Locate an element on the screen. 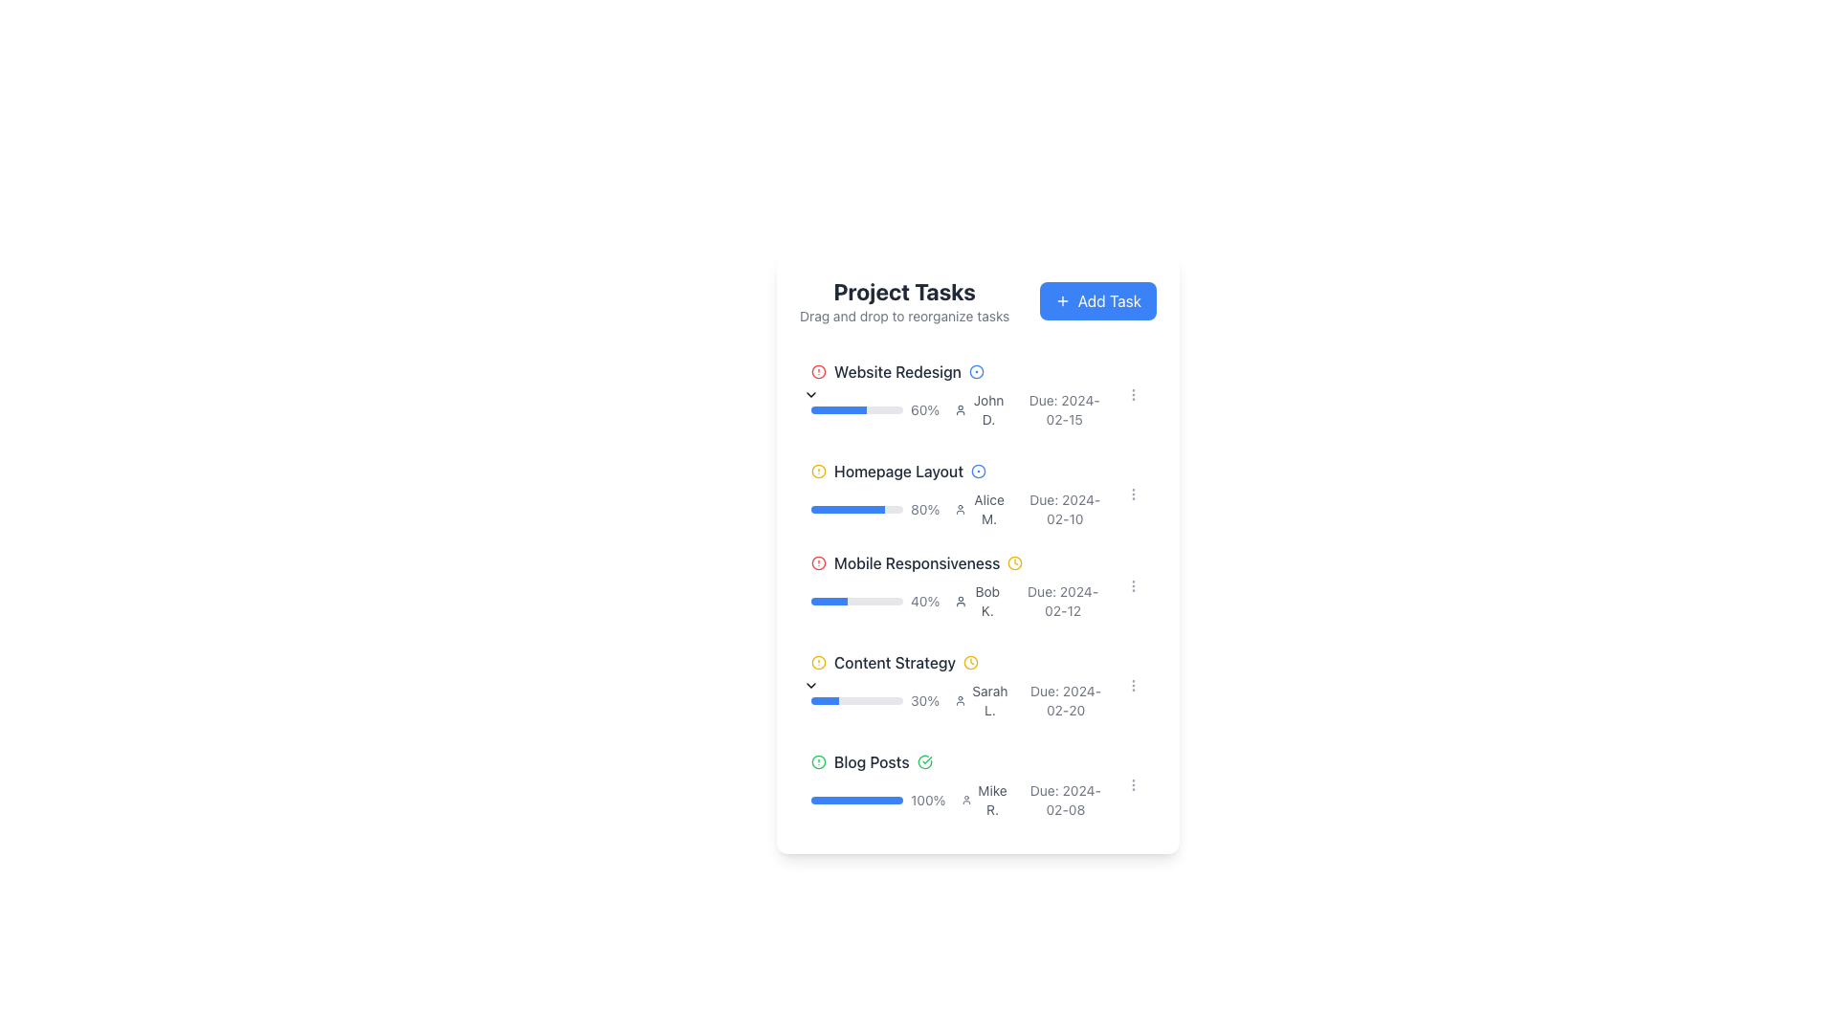 The width and height of the screenshot is (1837, 1033). the grip handle icon located is located at coordinates (788, 393).